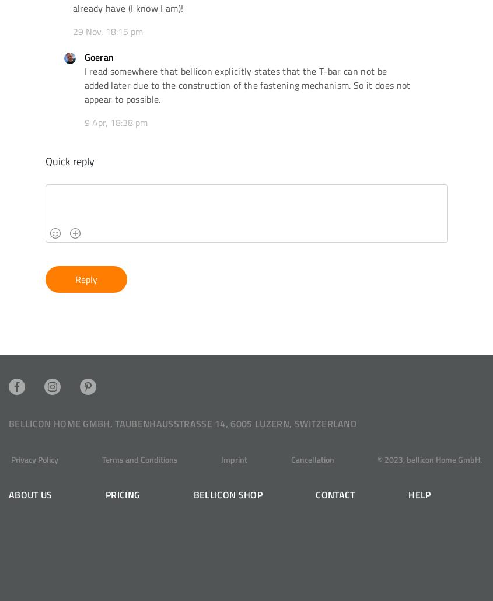  Describe the element at coordinates (107, 31) in the screenshot. I see `'29 Nov, 18:15 pm'` at that location.